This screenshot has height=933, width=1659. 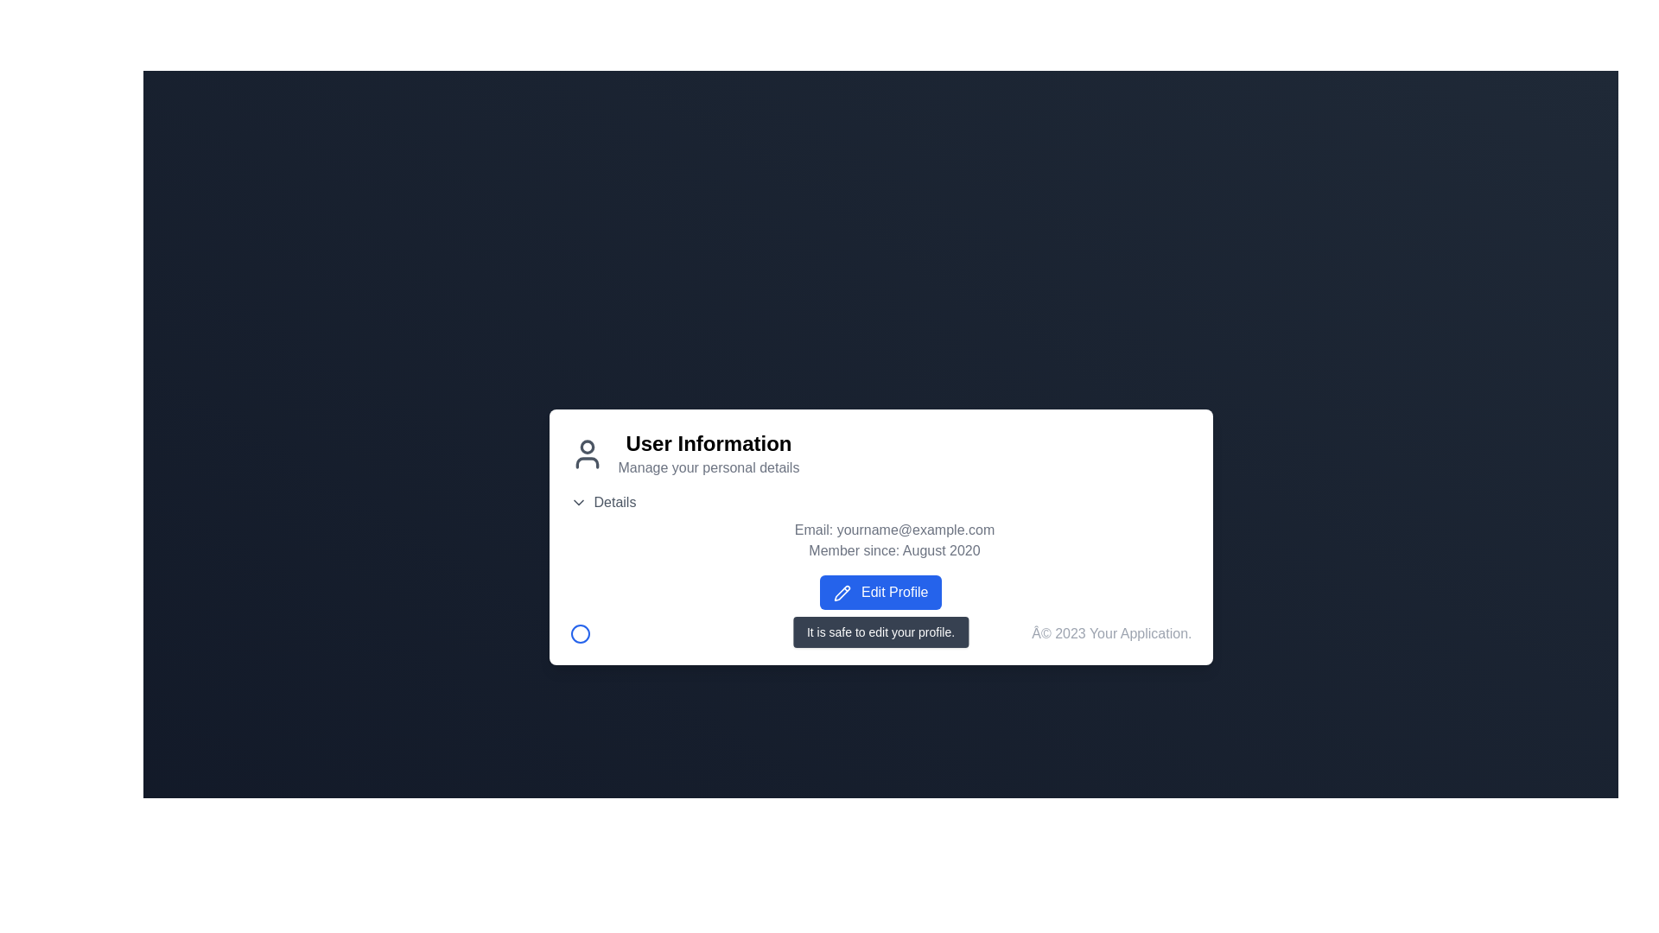 I want to click on the static text label displaying 'Details' in light gray color, located near the top-left corner of the user information section, so click(x=614, y=503).